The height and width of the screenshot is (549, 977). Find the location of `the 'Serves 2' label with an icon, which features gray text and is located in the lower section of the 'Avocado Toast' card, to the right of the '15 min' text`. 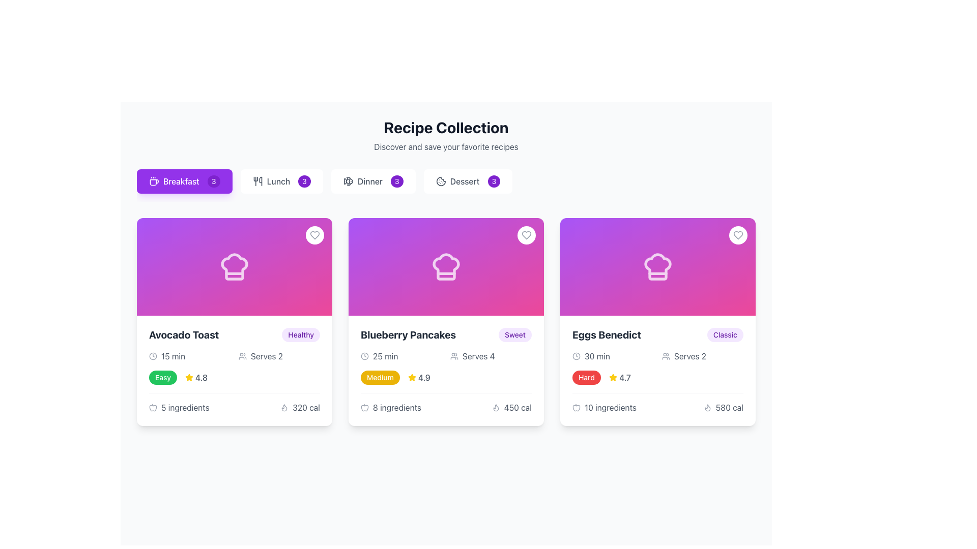

the 'Serves 2' label with an icon, which features gray text and is located in the lower section of the 'Avocado Toast' card, to the right of the '15 min' text is located at coordinates (279, 356).